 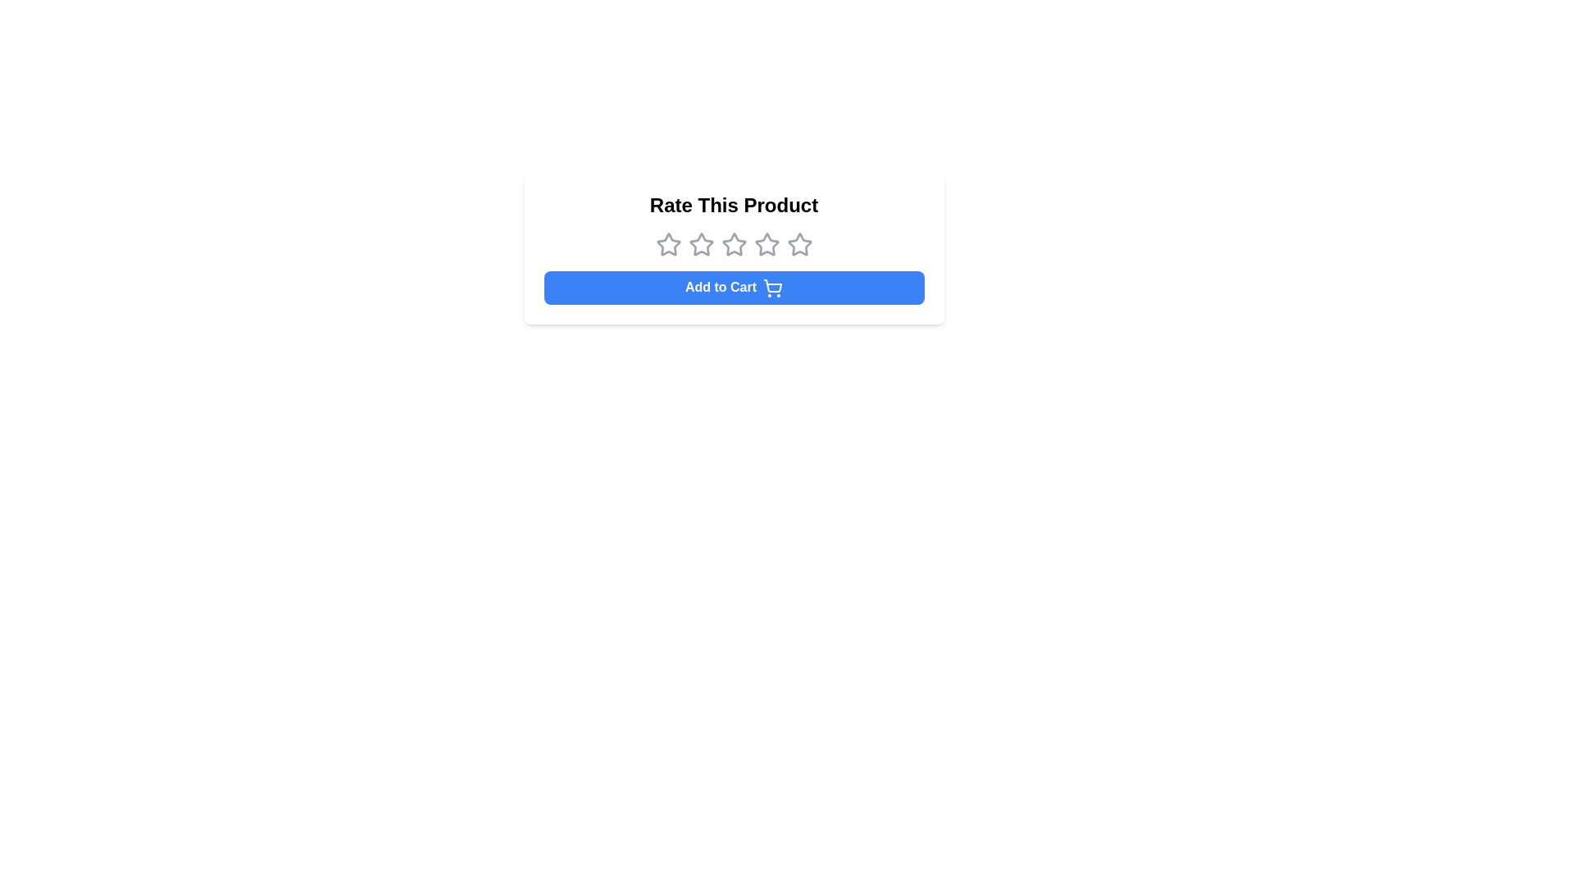 What do you see at coordinates (799, 244) in the screenshot?
I see `the fifth star icon in the rating component` at bounding box center [799, 244].